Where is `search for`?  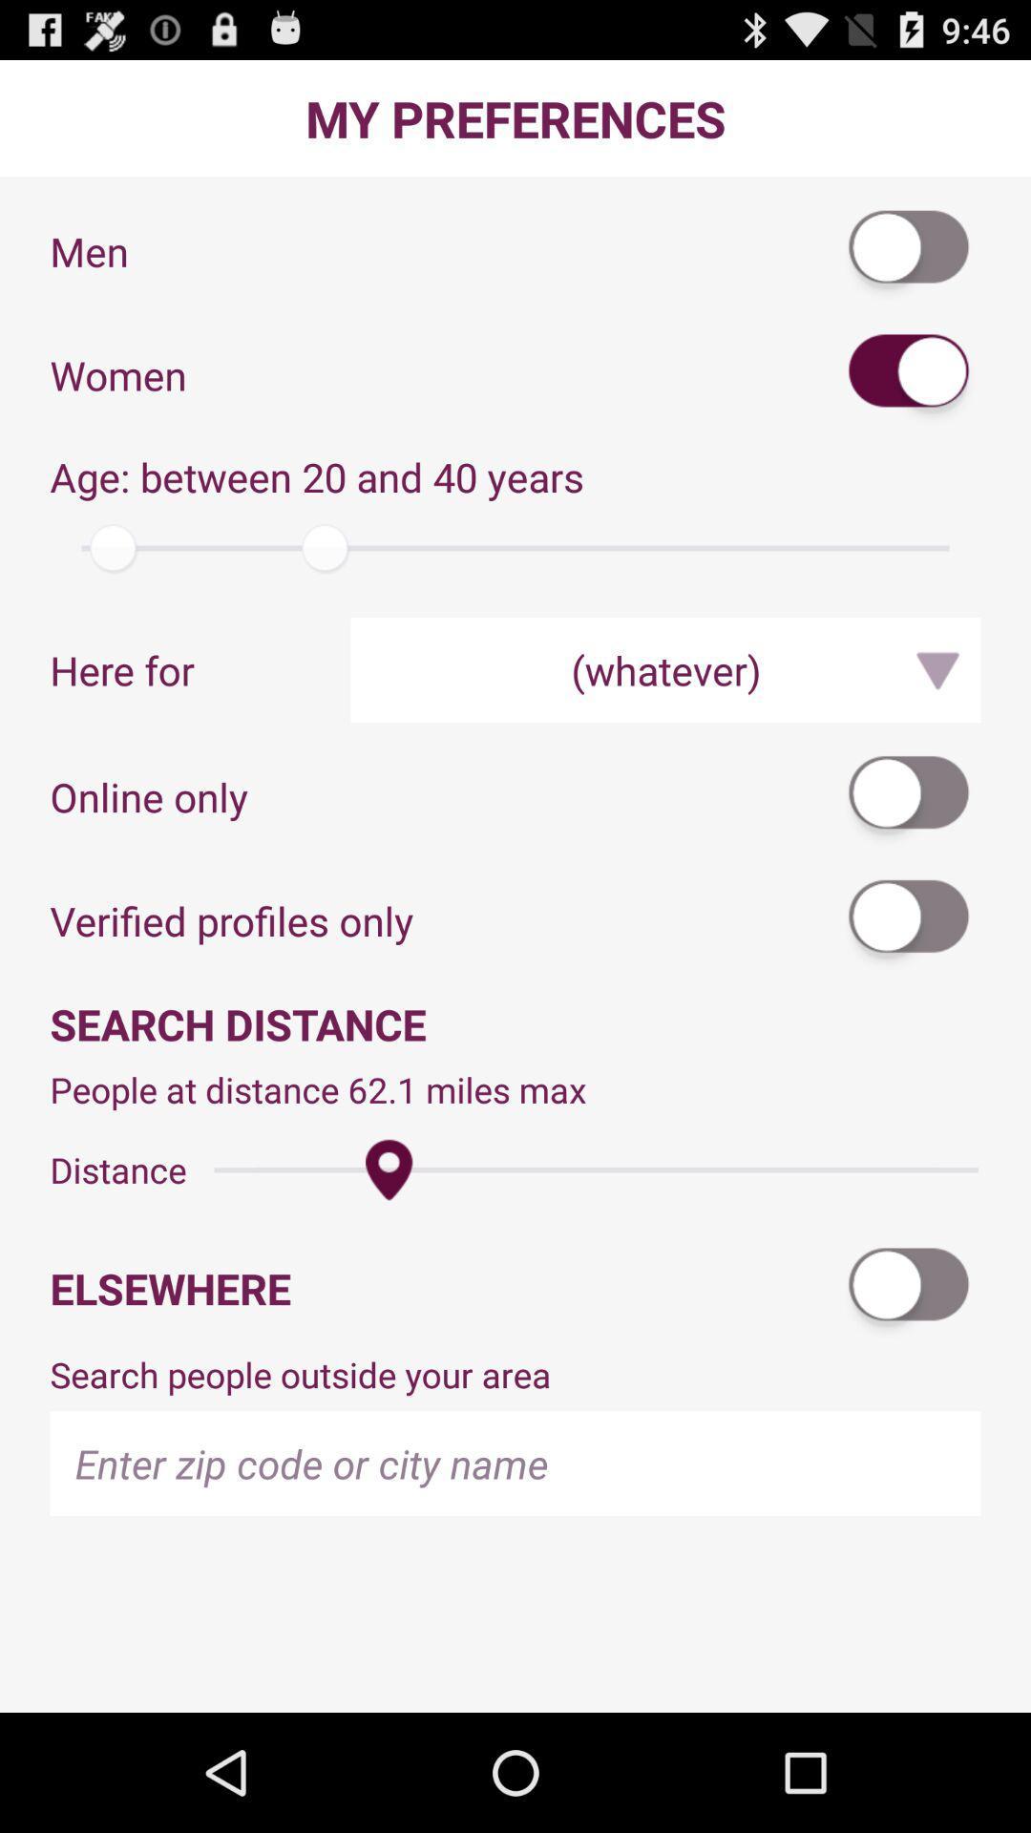
search for is located at coordinates (909, 375).